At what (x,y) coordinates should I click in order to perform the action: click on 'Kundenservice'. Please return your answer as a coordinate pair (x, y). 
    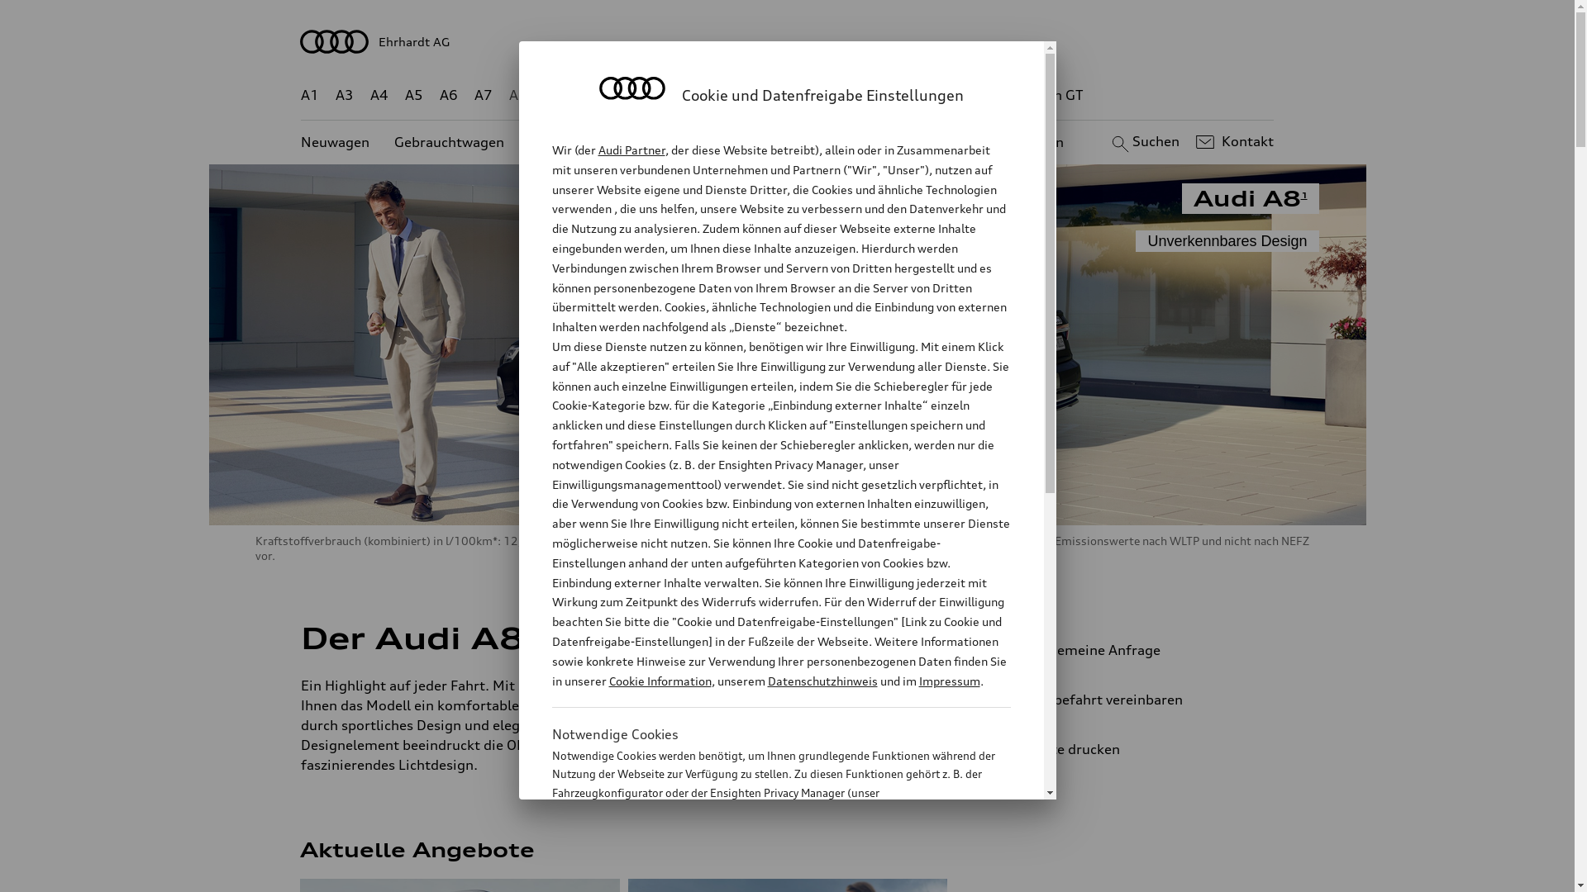
    Looking at the image, I should click on (749, 141).